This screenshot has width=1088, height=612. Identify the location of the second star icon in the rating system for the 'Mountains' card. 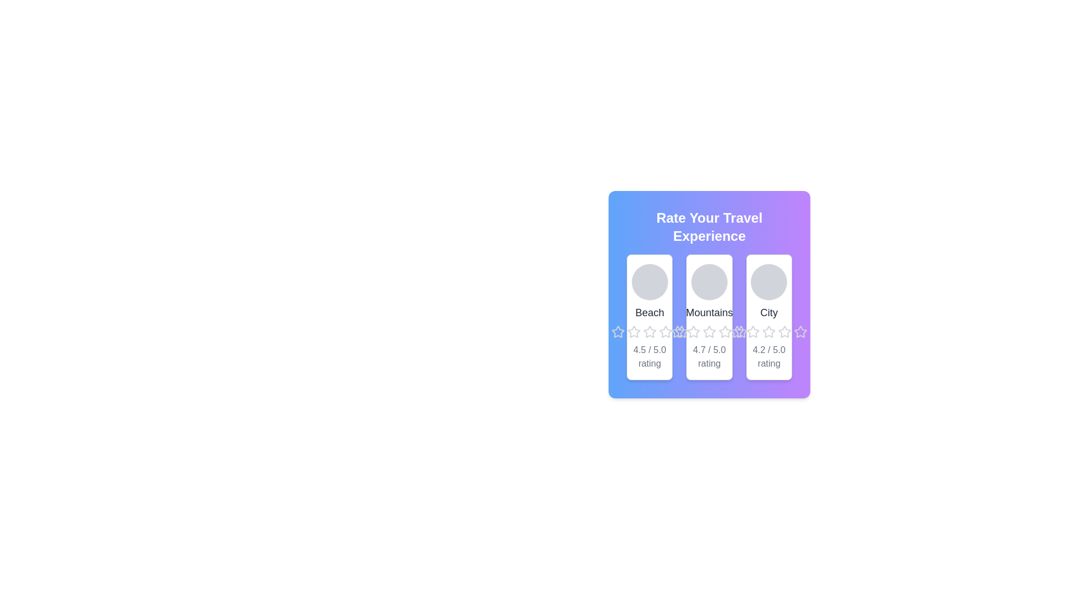
(681, 331).